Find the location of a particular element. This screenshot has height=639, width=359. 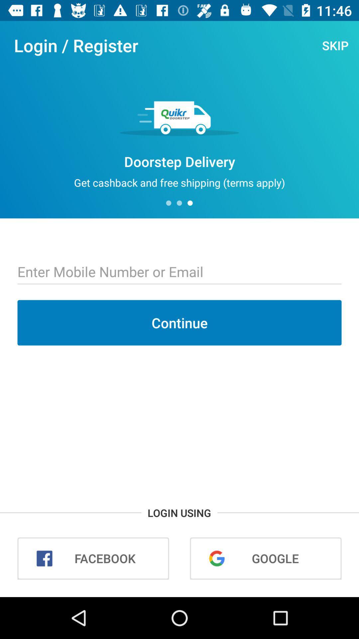

input box is located at coordinates (179, 273).